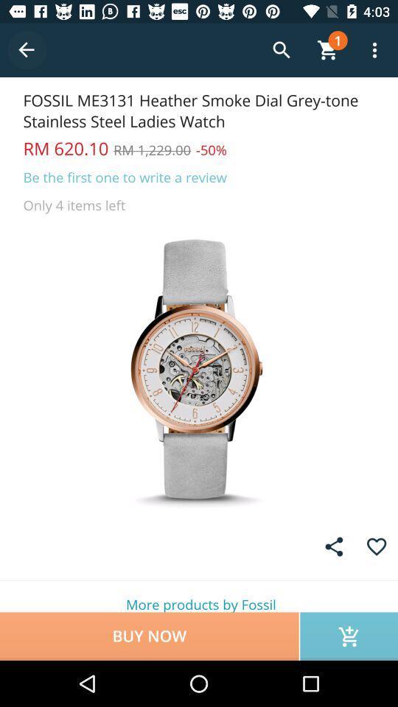 This screenshot has height=707, width=398. Describe the element at coordinates (199, 597) in the screenshot. I see `more products by` at that location.